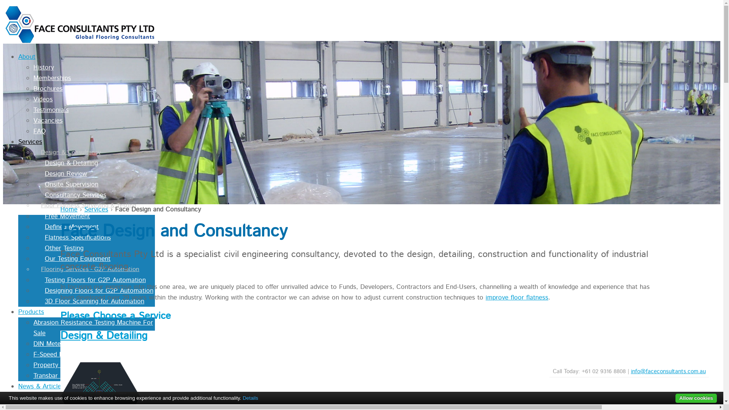 The image size is (729, 410). Describe the element at coordinates (60, 174) in the screenshot. I see `'Design Review'` at that location.